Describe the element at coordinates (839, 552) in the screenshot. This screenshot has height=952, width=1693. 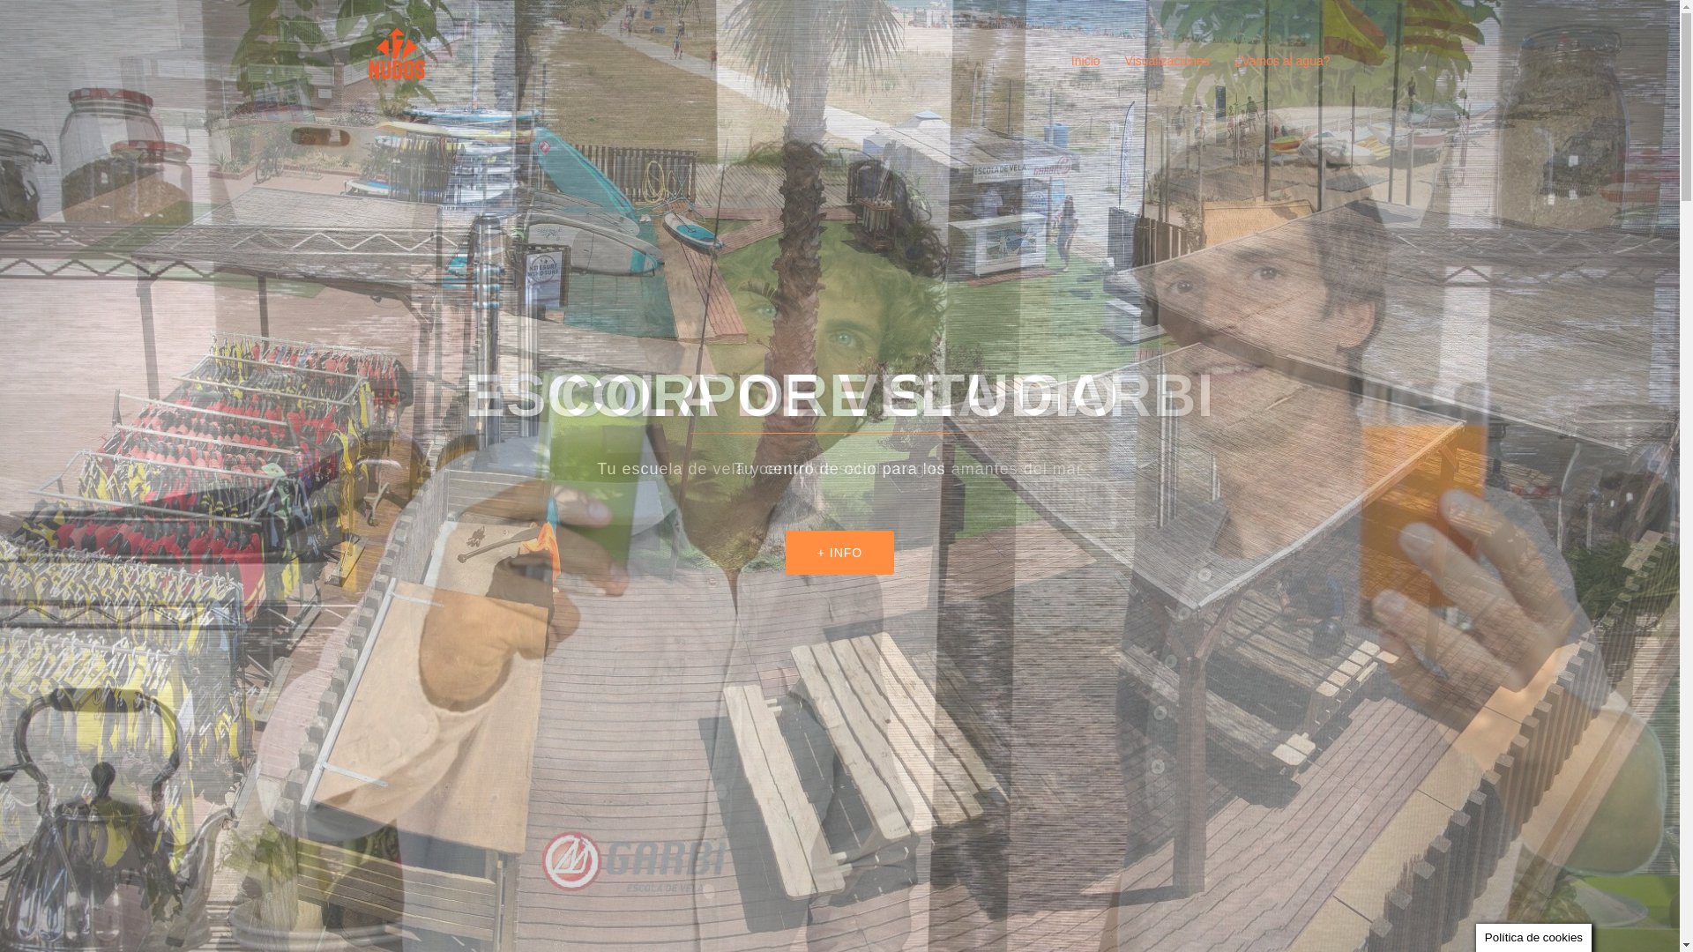
I see `'+ INFO'` at that location.